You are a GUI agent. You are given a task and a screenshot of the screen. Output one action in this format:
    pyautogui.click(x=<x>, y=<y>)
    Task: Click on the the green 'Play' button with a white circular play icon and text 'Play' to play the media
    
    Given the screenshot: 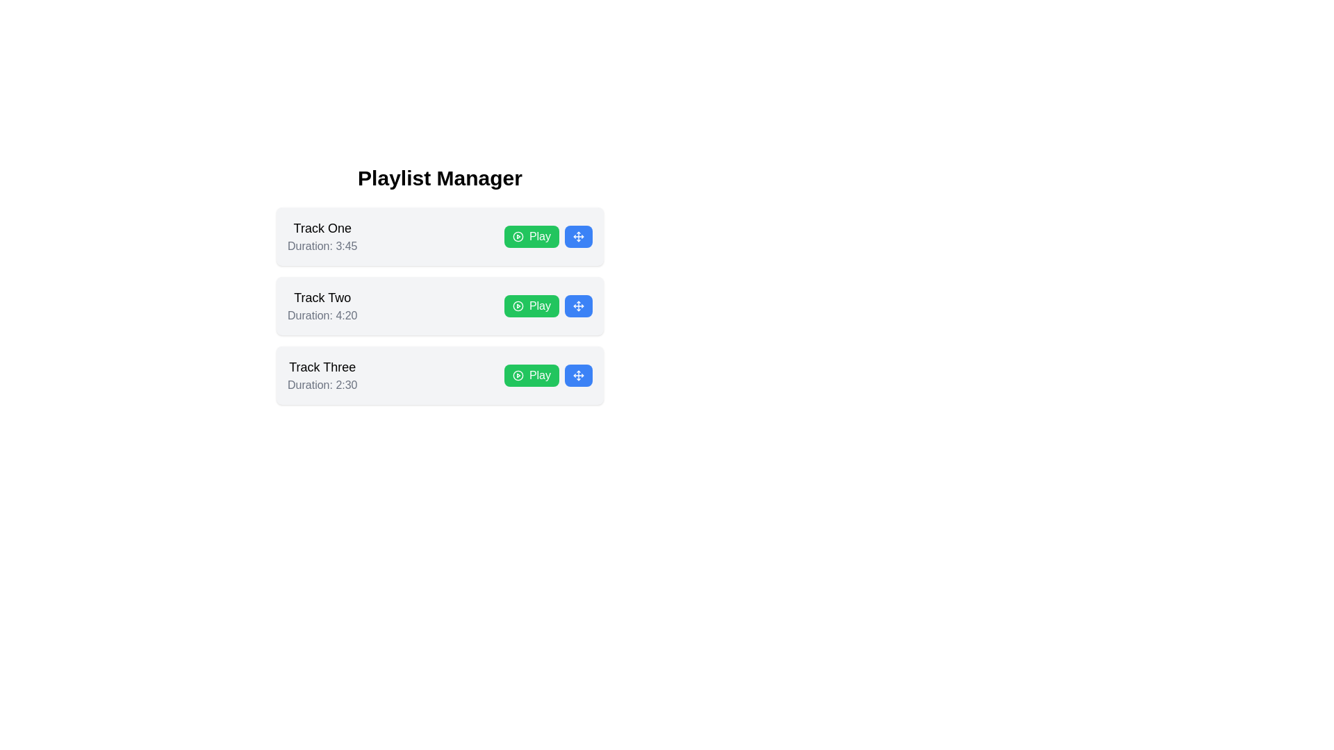 What is the action you would take?
    pyautogui.click(x=531, y=305)
    